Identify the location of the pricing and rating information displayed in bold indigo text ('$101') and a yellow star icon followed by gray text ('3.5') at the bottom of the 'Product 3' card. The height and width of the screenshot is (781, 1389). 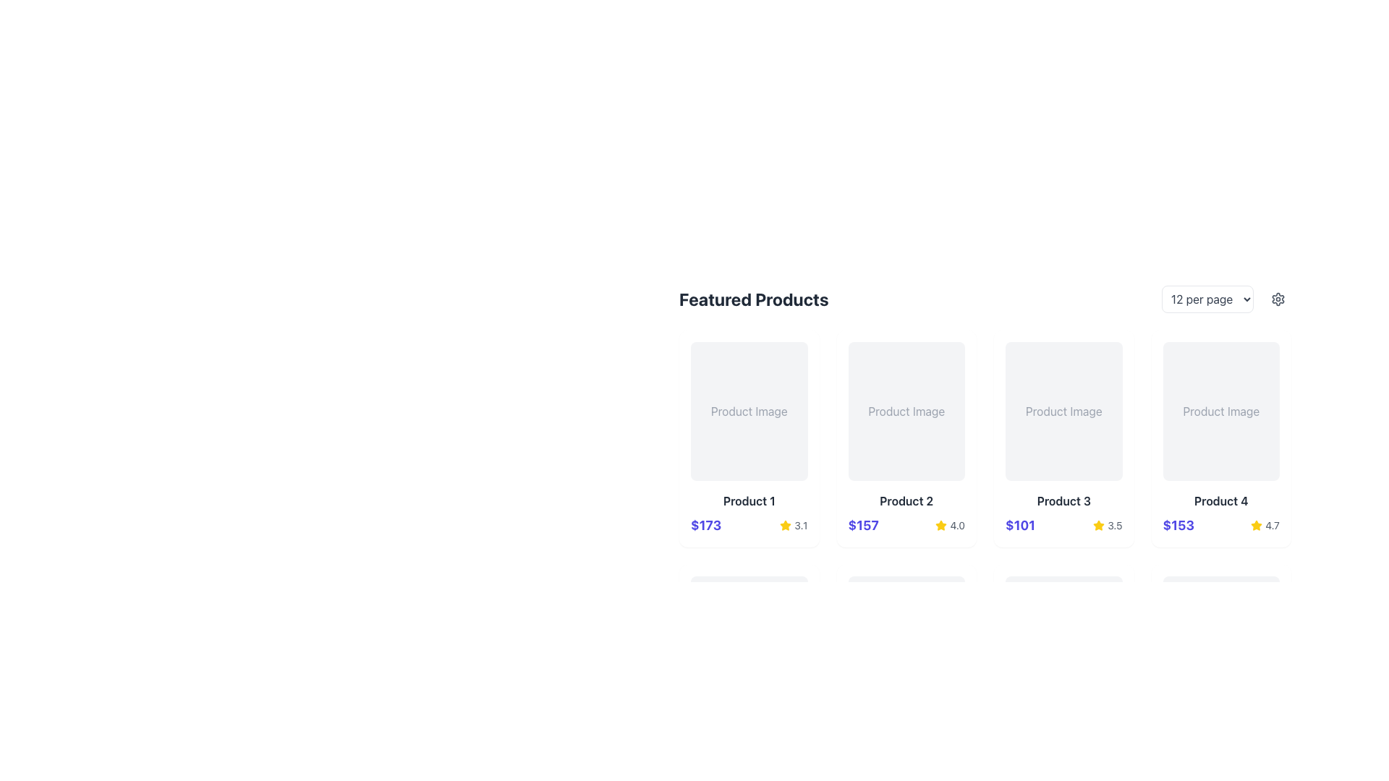
(1063, 525).